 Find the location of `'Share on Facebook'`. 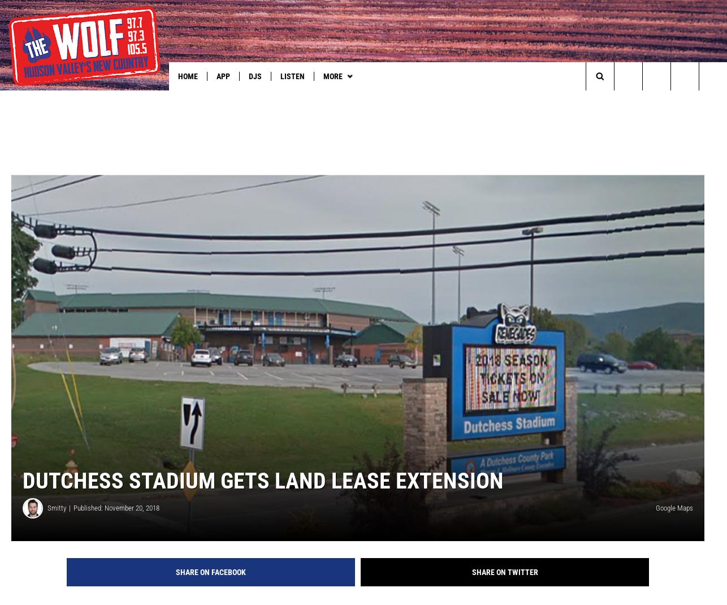

'Share on Facebook' is located at coordinates (210, 590).